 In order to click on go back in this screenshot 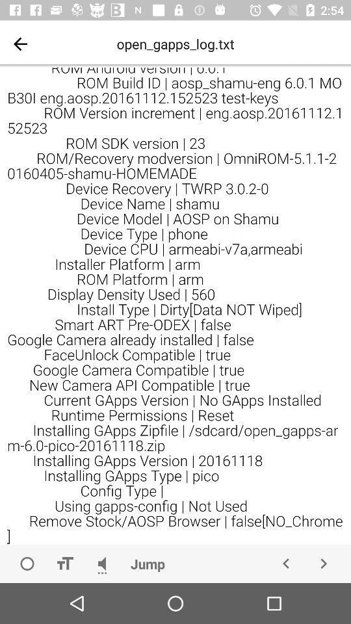, I will do `click(19, 44)`.